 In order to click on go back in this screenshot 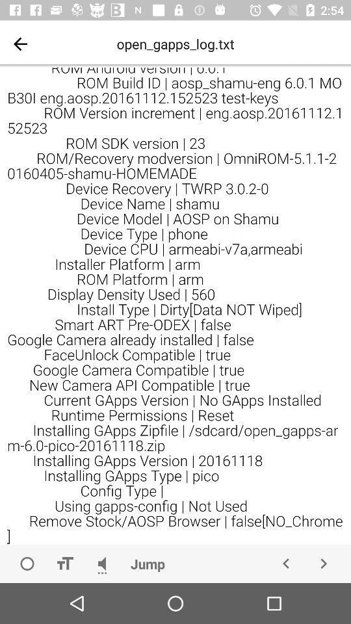, I will do `click(19, 44)`.